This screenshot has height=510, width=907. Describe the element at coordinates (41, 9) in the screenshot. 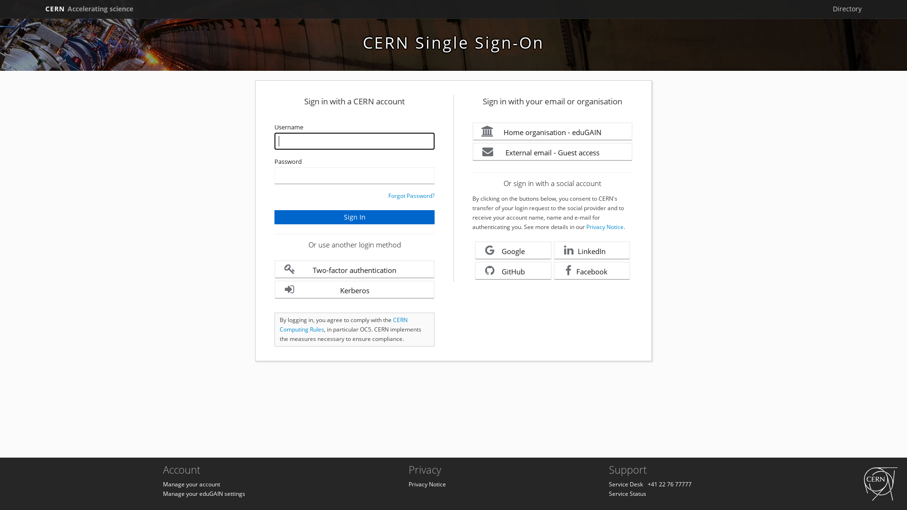

I see `'CERN Accelerating science'` at that location.